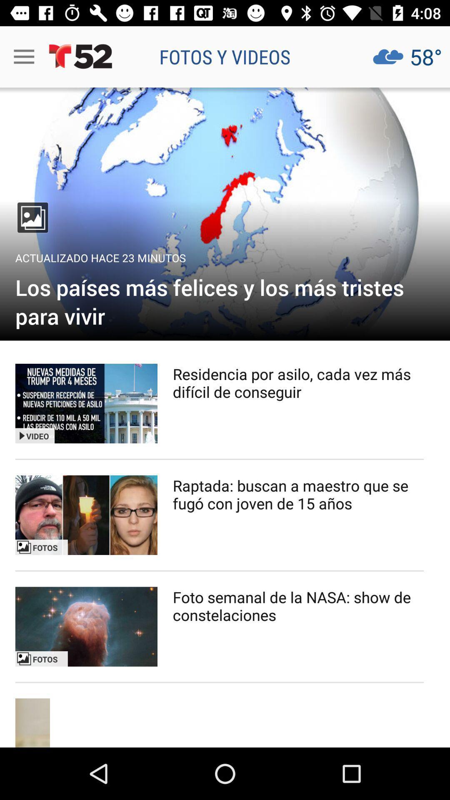  I want to click on news article, so click(86, 515).